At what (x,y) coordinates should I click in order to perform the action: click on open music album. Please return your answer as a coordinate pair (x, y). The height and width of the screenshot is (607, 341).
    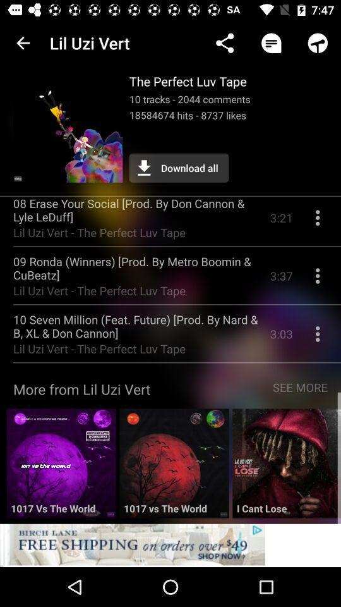
    Looking at the image, I should click on (61, 467).